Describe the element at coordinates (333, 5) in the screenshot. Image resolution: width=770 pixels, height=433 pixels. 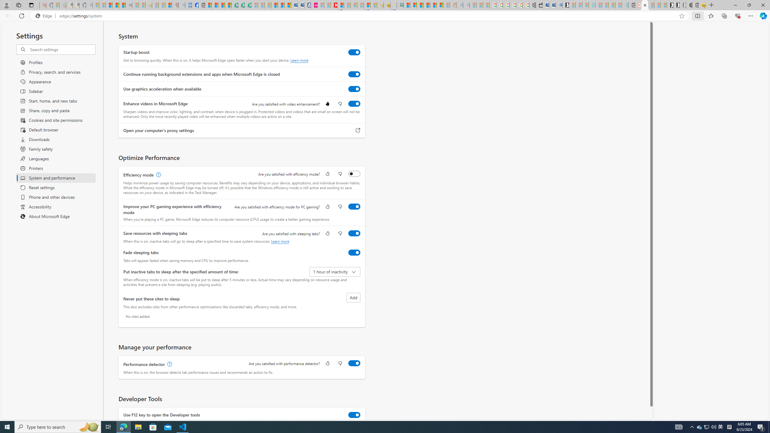
I see `'Latest Politics News & Archive | Newsweek.com'` at that location.